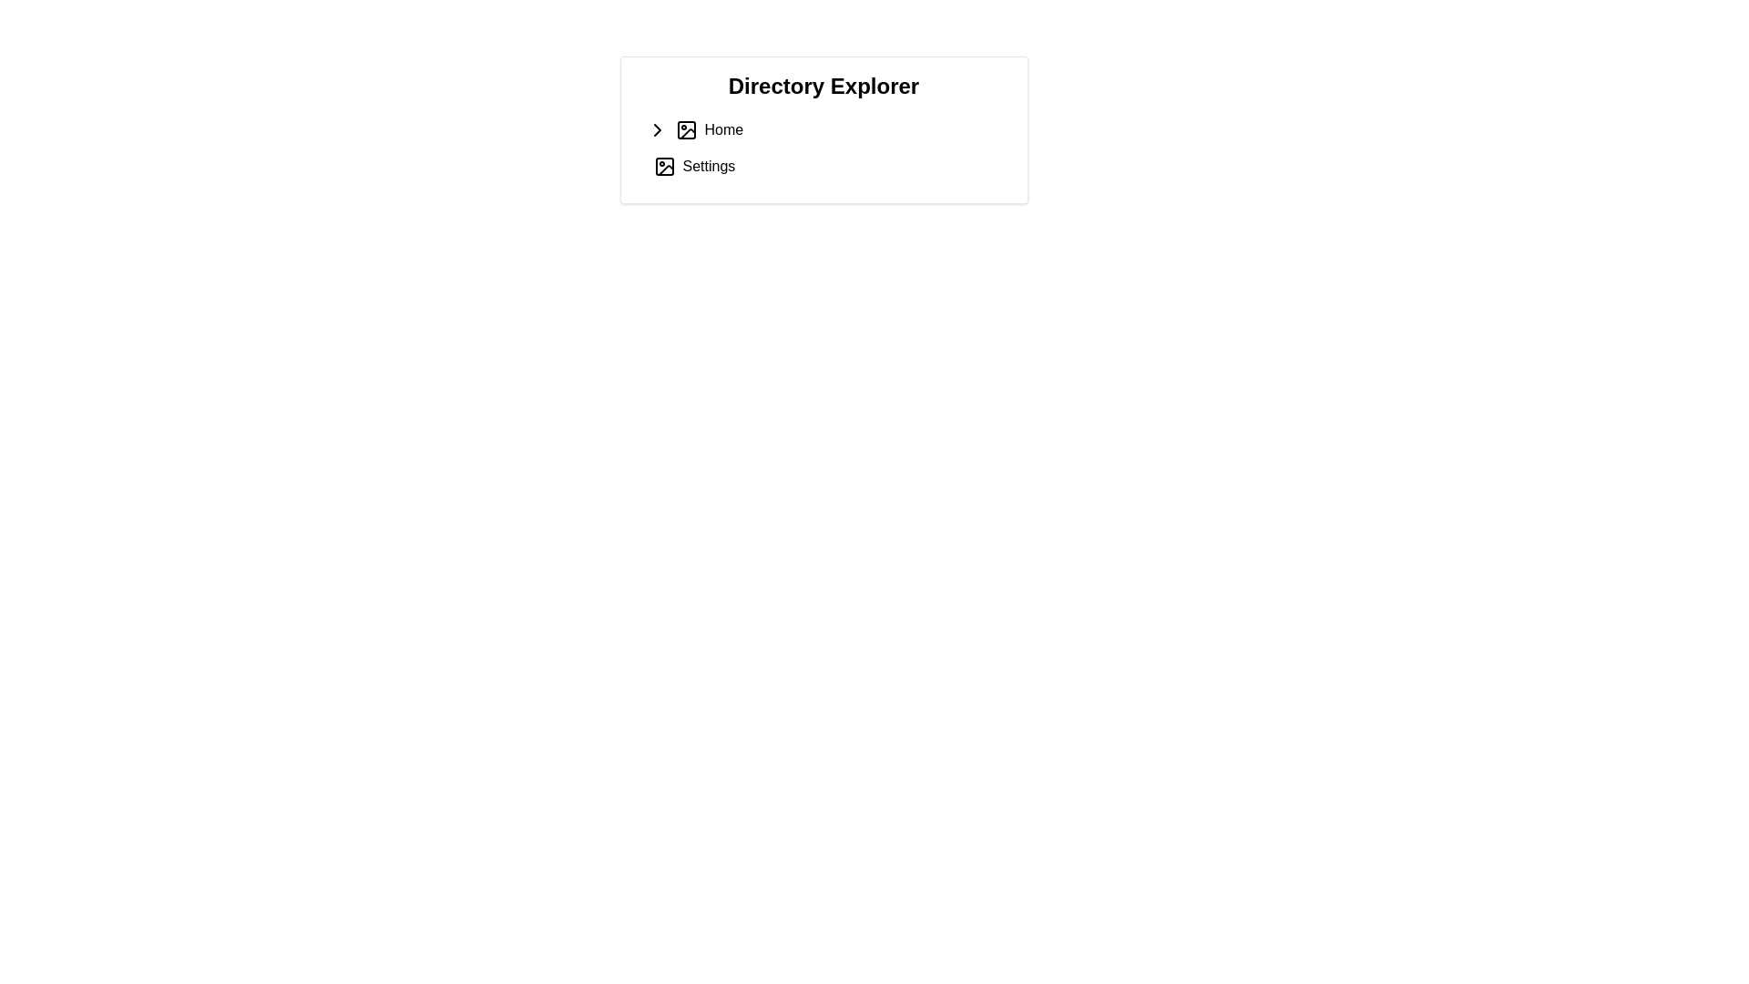 This screenshot has height=984, width=1749. Describe the element at coordinates (656, 128) in the screenshot. I see `the chevron icon indicating the presence of a navigable or collapsible section for the 'Home' entry` at that location.